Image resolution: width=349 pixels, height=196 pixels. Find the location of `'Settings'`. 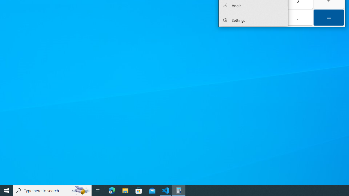

'Settings' is located at coordinates (253, 20).